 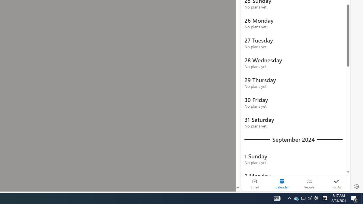 What do you see at coordinates (336, 184) in the screenshot?
I see `'To Do'` at bounding box center [336, 184].